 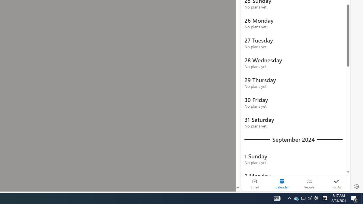 What do you see at coordinates (336, 184) in the screenshot?
I see `'To Do'` at bounding box center [336, 184].